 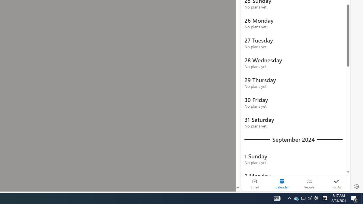 What do you see at coordinates (336, 184) in the screenshot?
I see `'To Do'` at bounding box center [336, 184].